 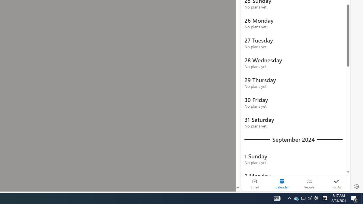 What do you see at coordinates (336, 184) in the screenshot?
I see `'To Do'` at bounding box center [336, 184].